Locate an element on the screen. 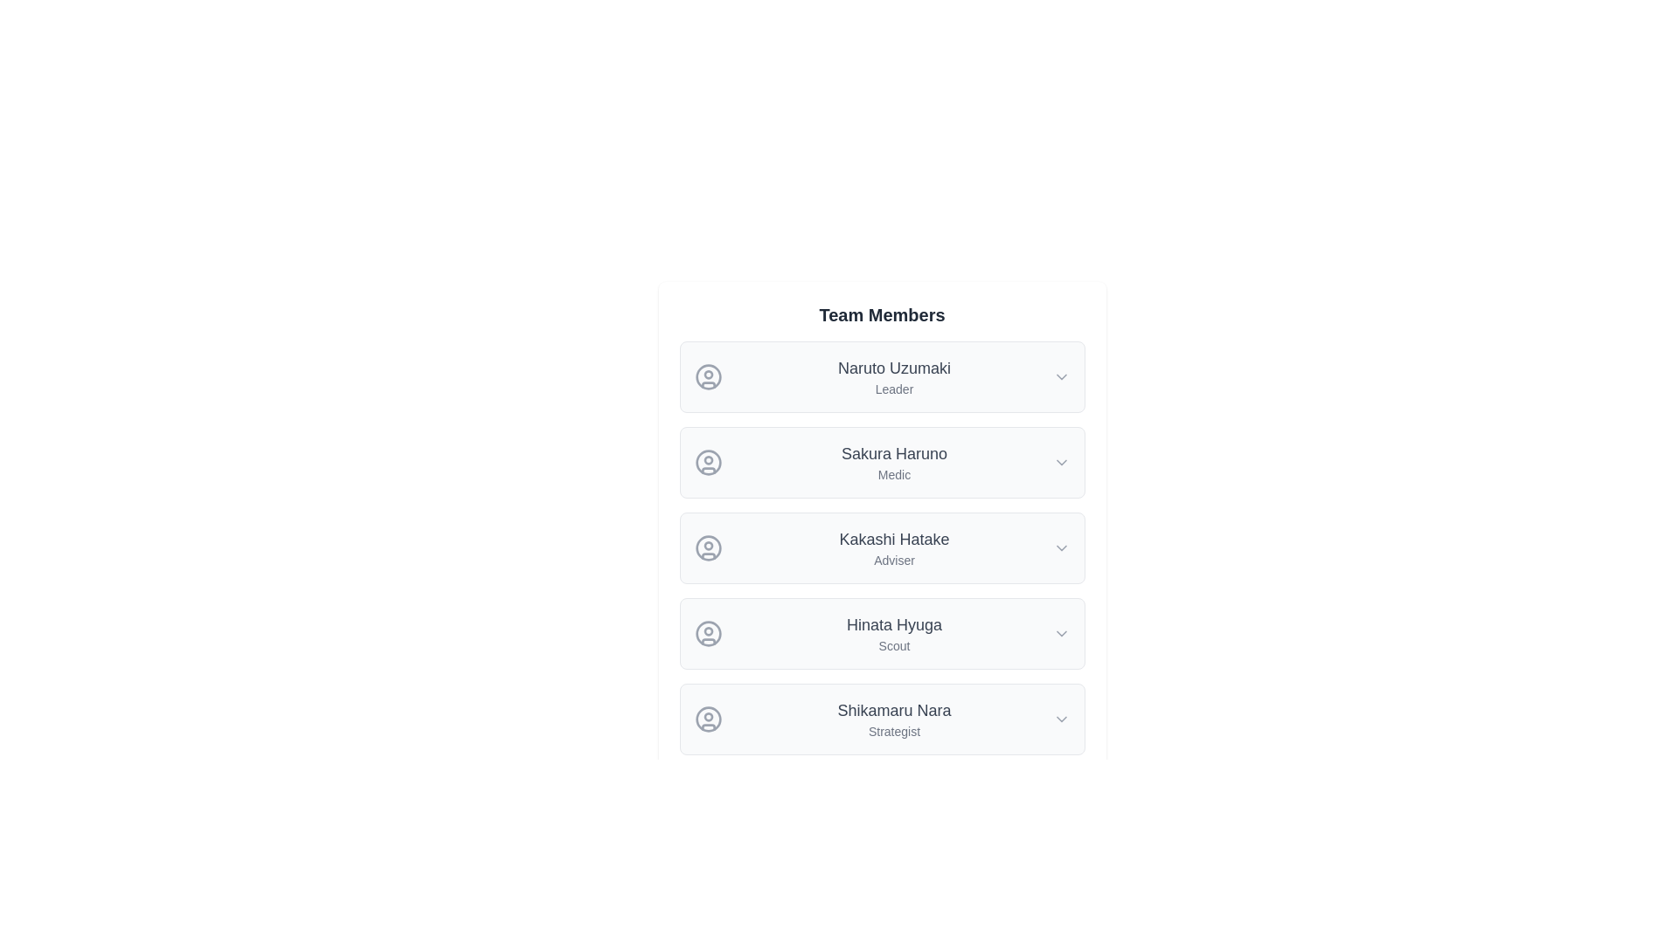 This screenshot has height=943, width=1678. the circular profile icon, which is part of an SVG graphic, positioned at the center of the user avatar to the left of the text 'Naruto Uzumaki' and 'Leader' in the team members list is located at coordinates (708, 376).